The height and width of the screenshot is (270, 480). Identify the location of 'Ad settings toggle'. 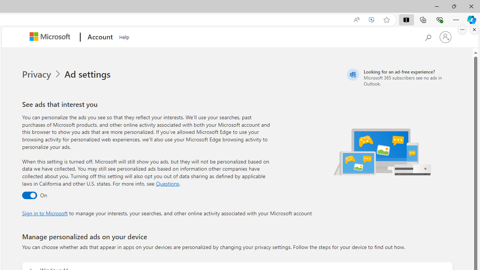
(29, 195).